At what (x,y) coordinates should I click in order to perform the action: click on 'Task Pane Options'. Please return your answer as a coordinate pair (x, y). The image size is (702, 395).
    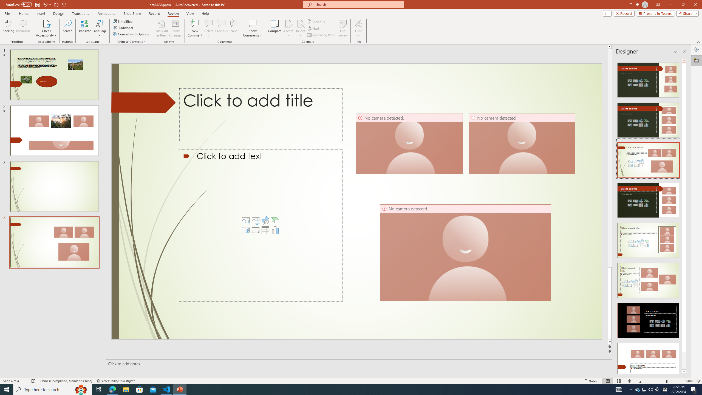
    Looking at the image, I should click on (675, 52).